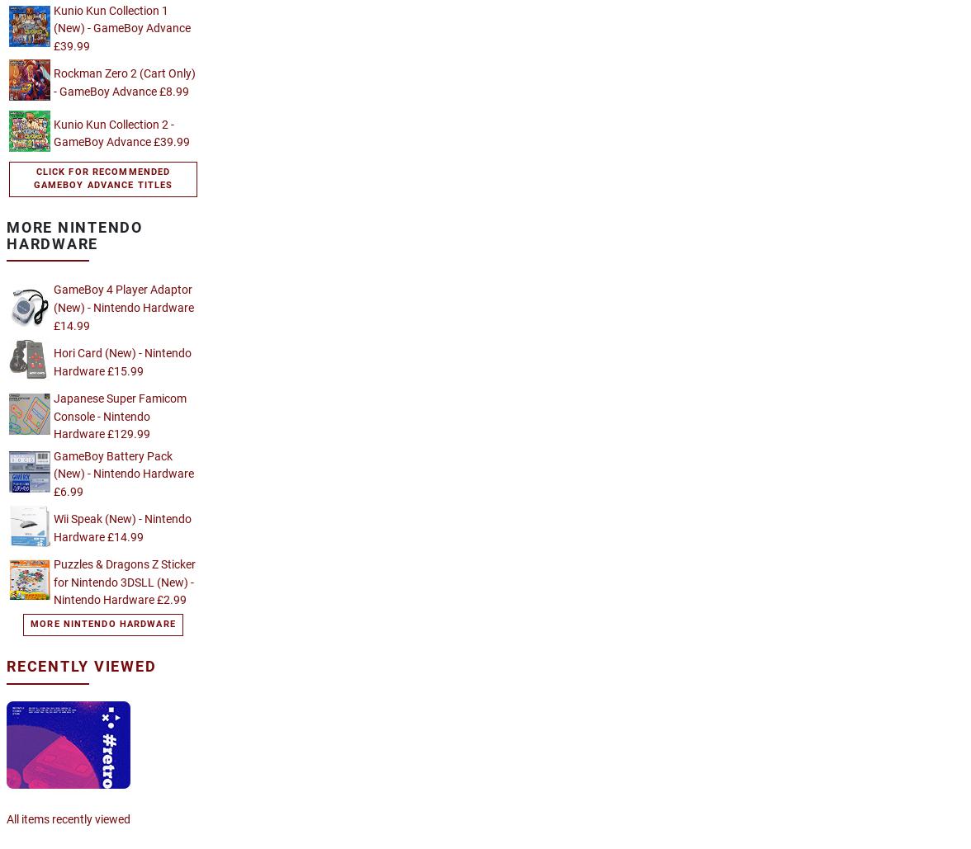  Describe the element at coordinates (122, 27) in the screenshot. I see `'Kunio Kun Collection 1 (New) - GameBoy Advance £39.99'` at that location.